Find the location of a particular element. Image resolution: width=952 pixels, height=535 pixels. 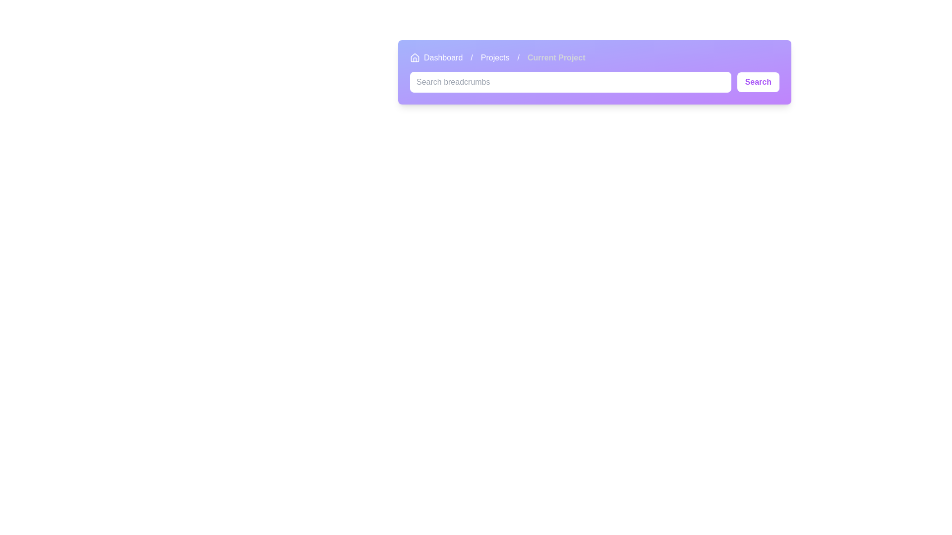

the Dashboard icon in the breadcrumb navigation bar is located at coordinates (415, 57).